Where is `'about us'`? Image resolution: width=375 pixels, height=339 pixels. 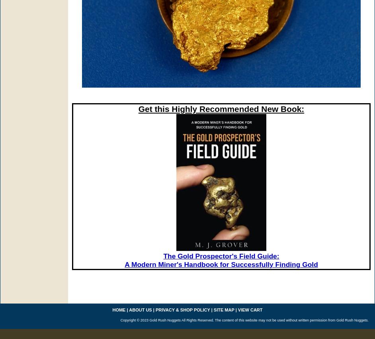
'about us' is located at coordinates (129, 309).